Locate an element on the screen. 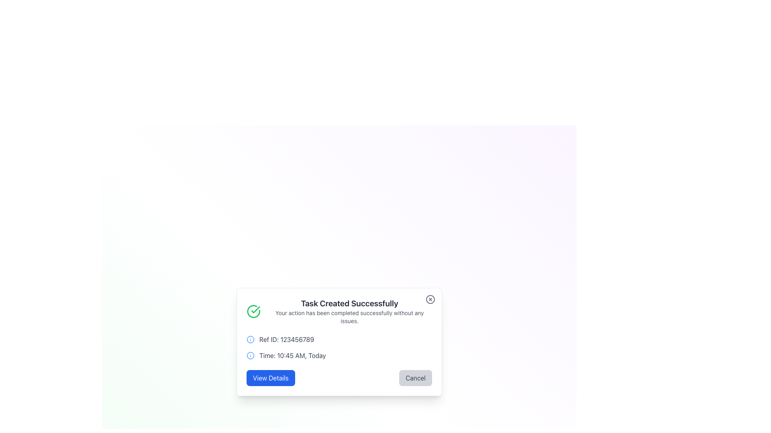  the static text displaying 'Your action has been completed successfully without any issues.' which is located below the header 'Task Created Successfully' in the dialog box is located at coordinates (349, 316).